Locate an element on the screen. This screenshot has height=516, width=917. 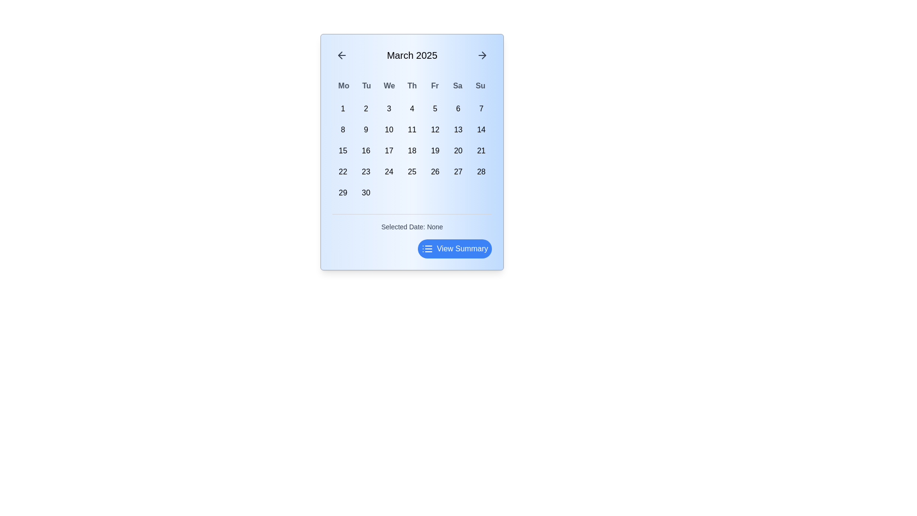
the icon-based button located at the upper left corner of the calendar interface, which navigates to the previous month when clicked is located at coordinates (341, 55).